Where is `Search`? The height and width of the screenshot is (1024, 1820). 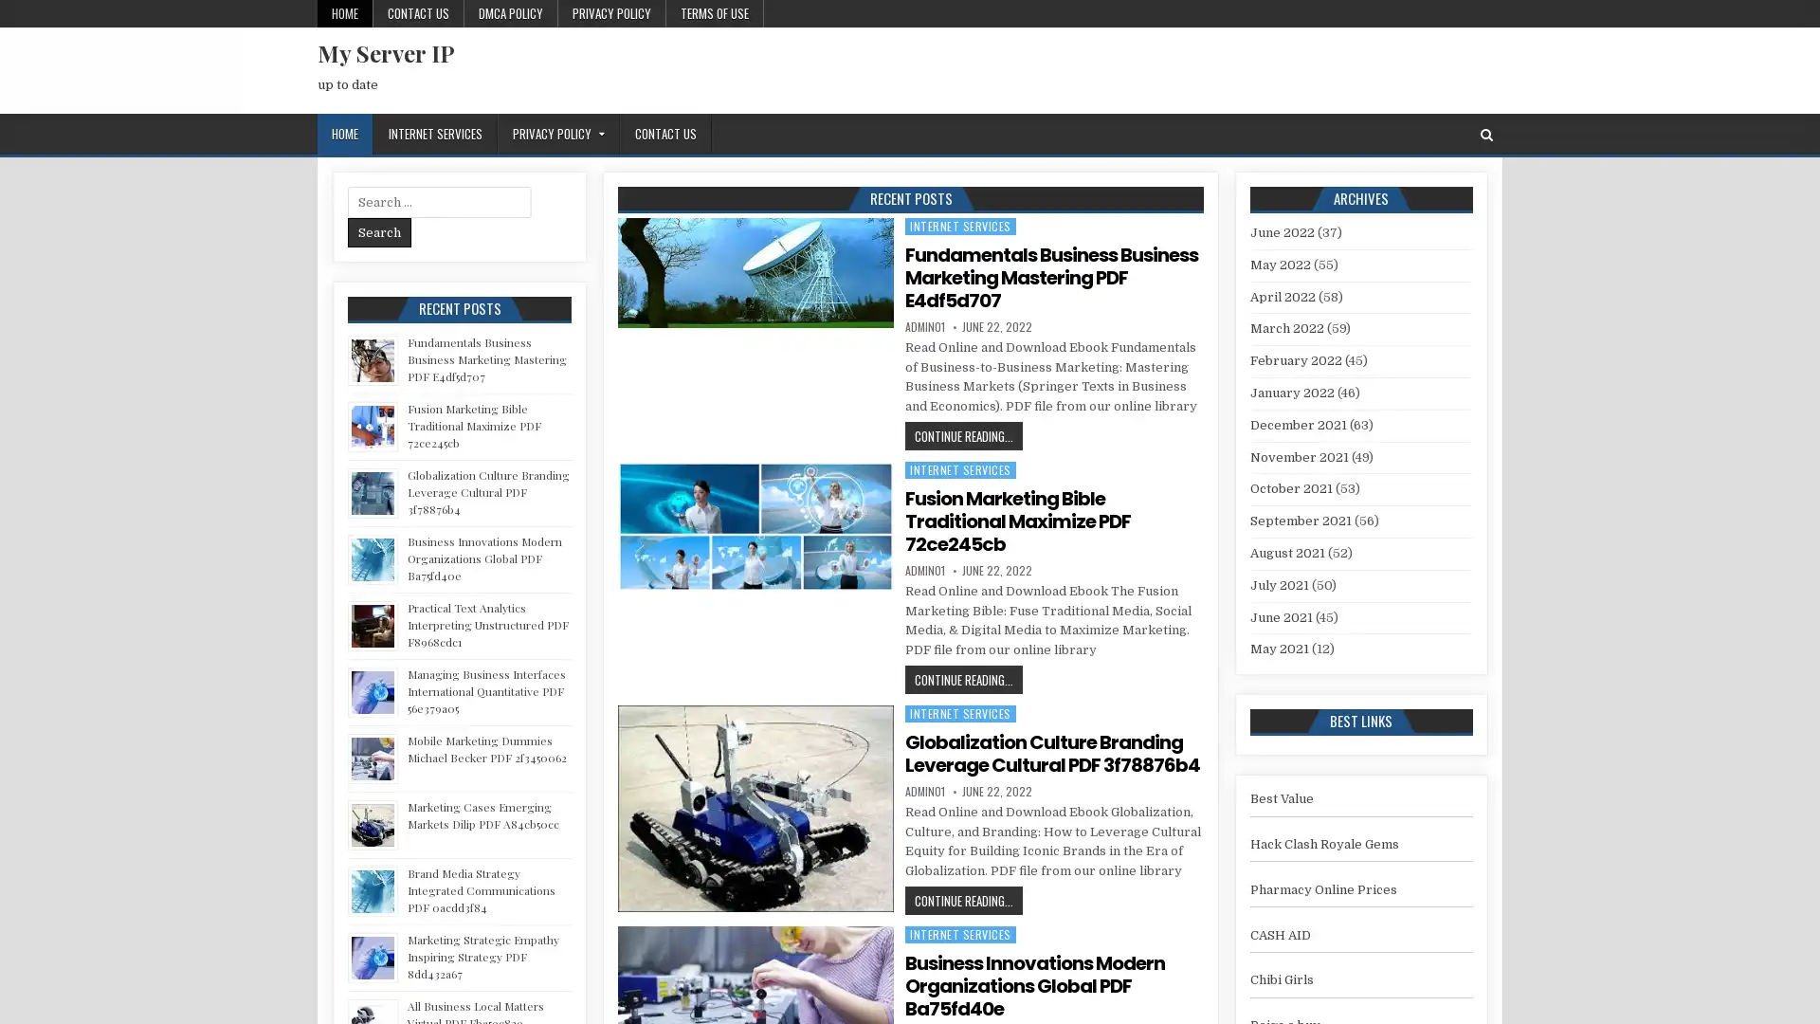 Search is located at coordinates (379, 231).